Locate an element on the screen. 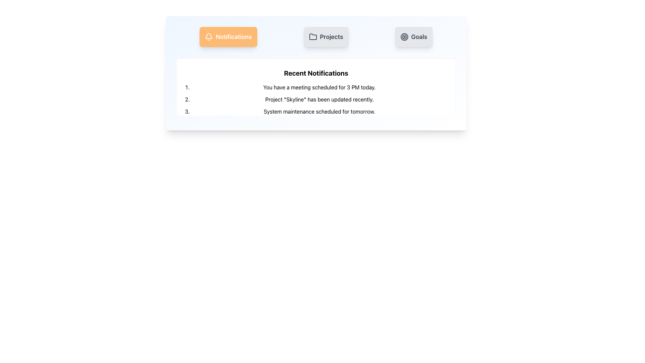 The height and width of the screenshot is (363, 645). the static text label that displays a notification about a scheduled meeting, located as the first item in the 'Recent Notifications' list is located at coordinates (319, 87).